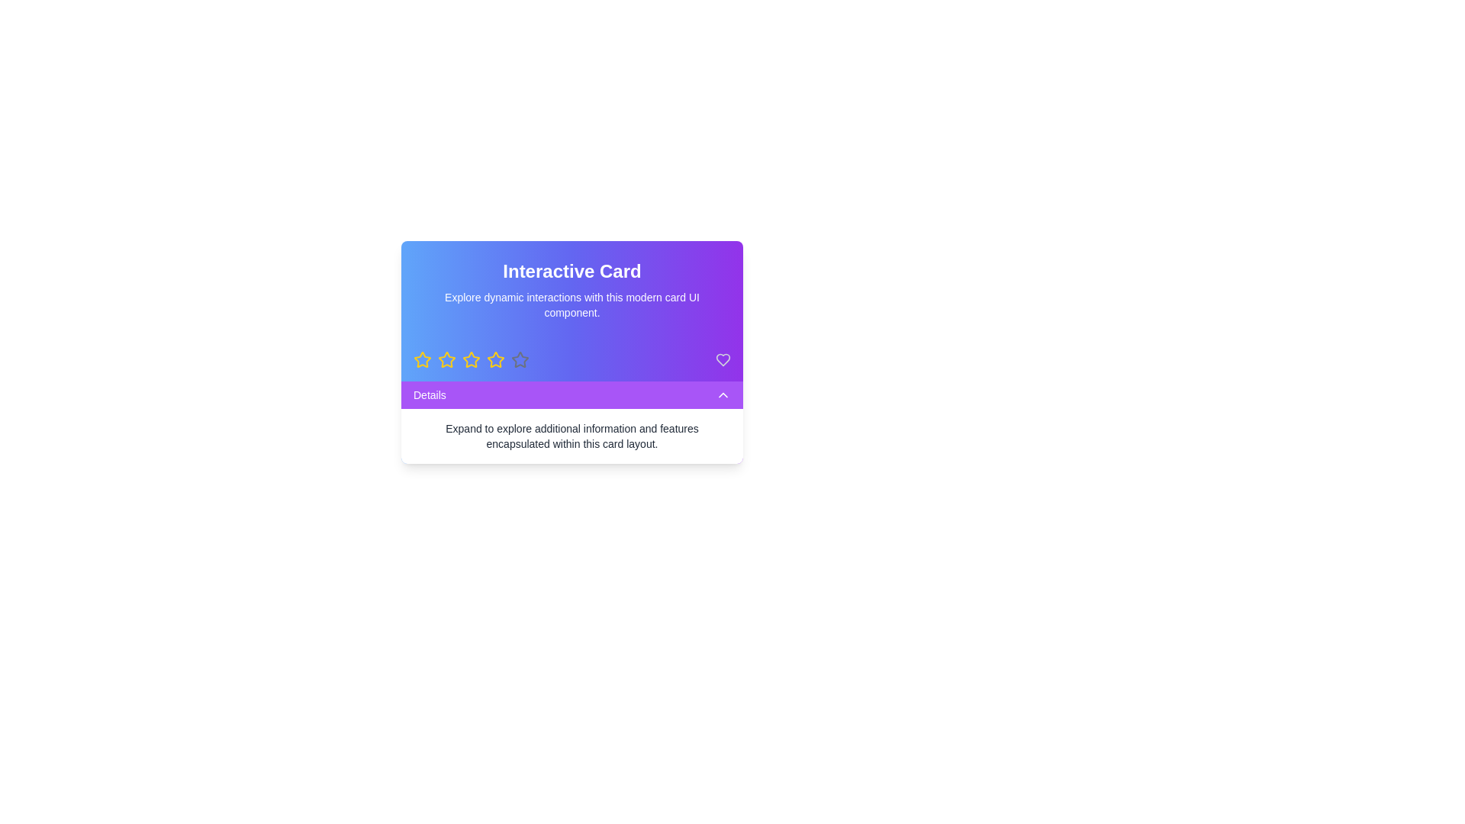 The height and width of the screenshot is (824, 1465). What do you see at coordinates (723, 394) in the screenshot?
I see `the upward-pointing chevron icon located to the far-right inside the 'Details' purple bar` at bounding box center [723, 394].